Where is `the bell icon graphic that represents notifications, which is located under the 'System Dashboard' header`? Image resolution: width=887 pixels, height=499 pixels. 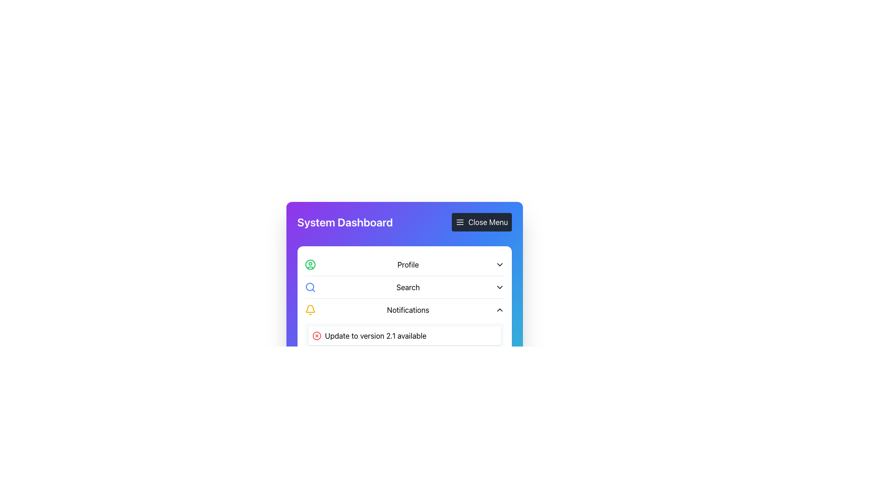
the bell icon graphic that represents notifications, which is located under the 'System Dashboard' header is located at coordinates (310, 309).